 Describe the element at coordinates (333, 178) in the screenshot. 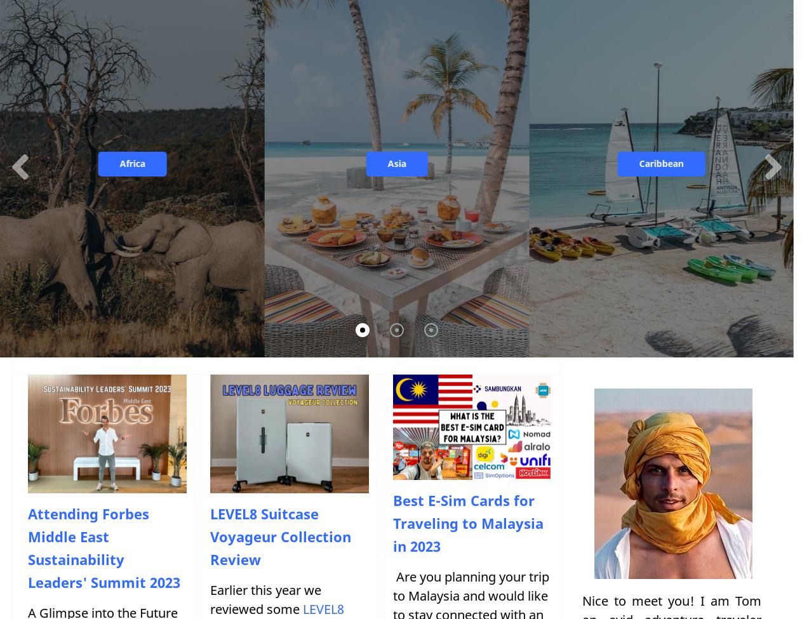

I see `'Serbia'` at that location.